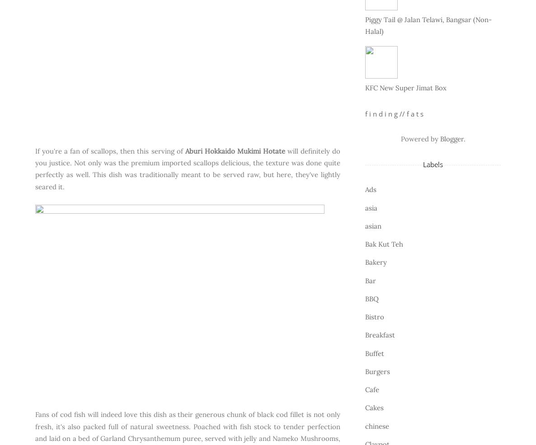 The width and height of the screenshot is (536, 445). What do you see at coordinates (365, 389) in the screenshot?
I see `'Cafe'` at bounding box center [365, 389].